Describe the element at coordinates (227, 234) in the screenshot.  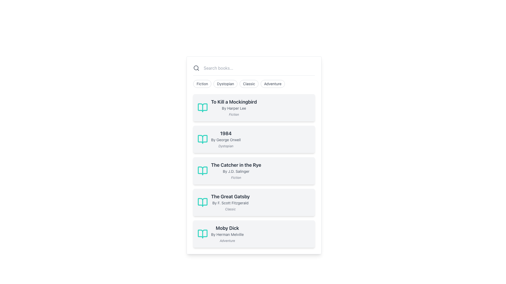
I see `the muted gray text 'By Herman Melville' located beneath the book title 'Moby Dick' and above the genre text 'Adventure' within the book listing` at that location.